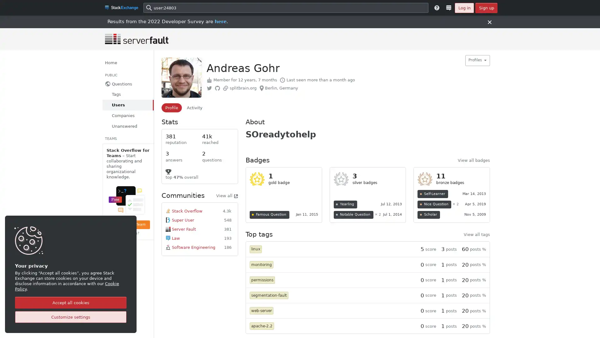  What do you see at coordinates (71, 317) in the screenshot?
I see `Customize settings` at bounding box center [71, 317].